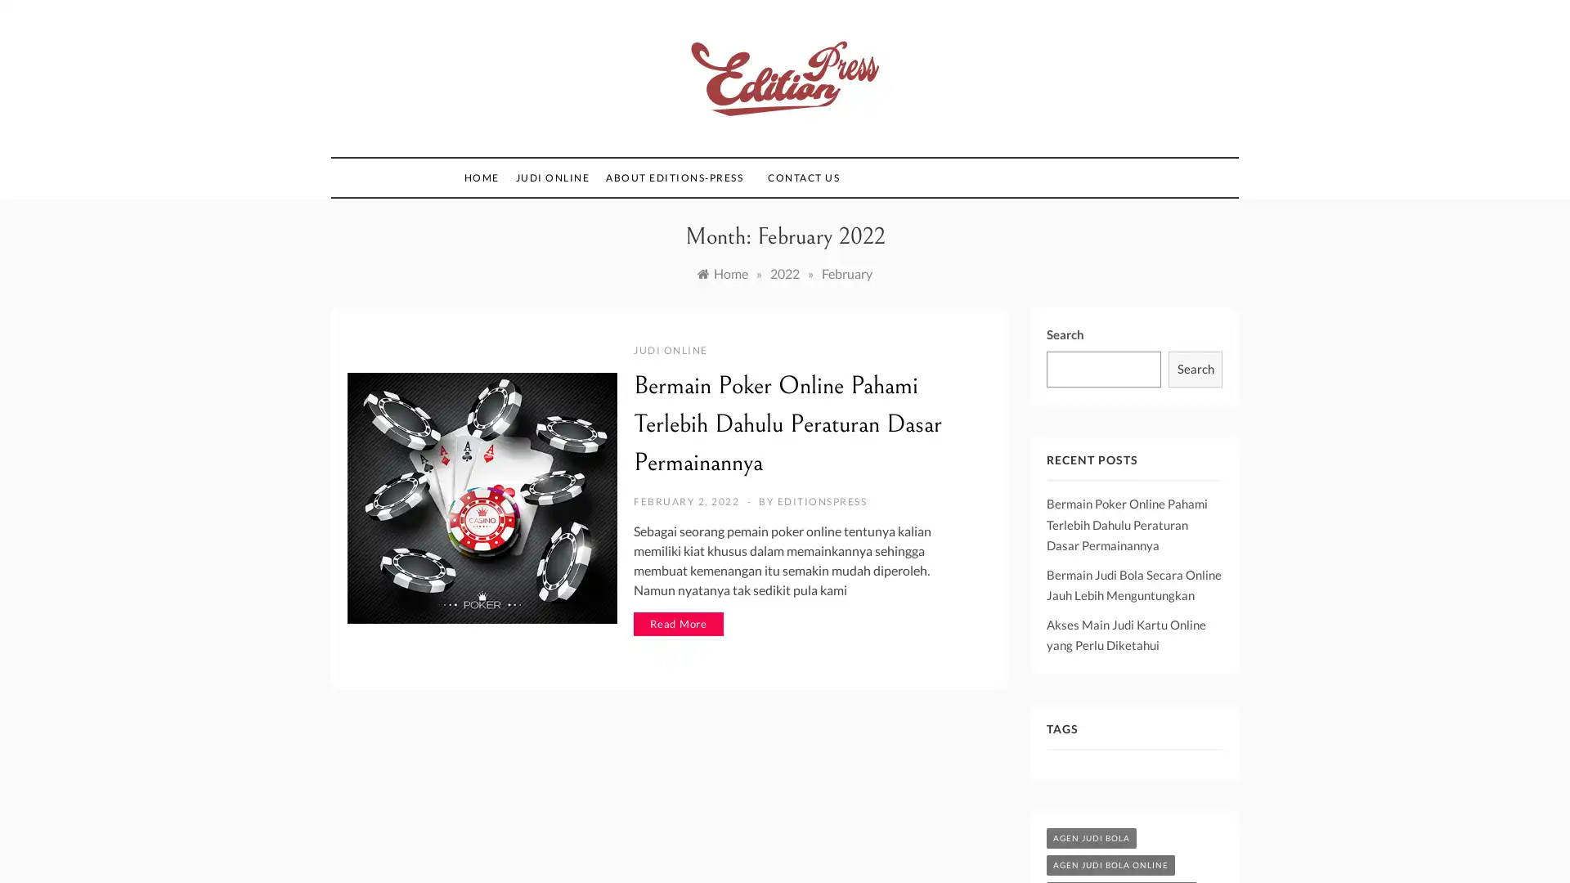  I want to click on Search, so click(1195, 369).